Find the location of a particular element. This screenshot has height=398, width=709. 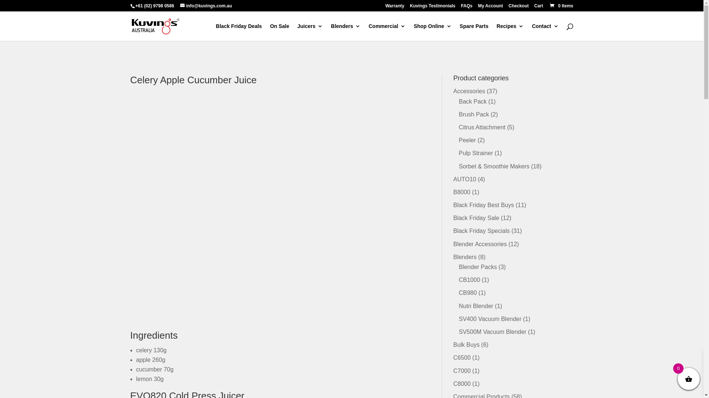

'Spare Parts' is located at coordinates (474, 32).